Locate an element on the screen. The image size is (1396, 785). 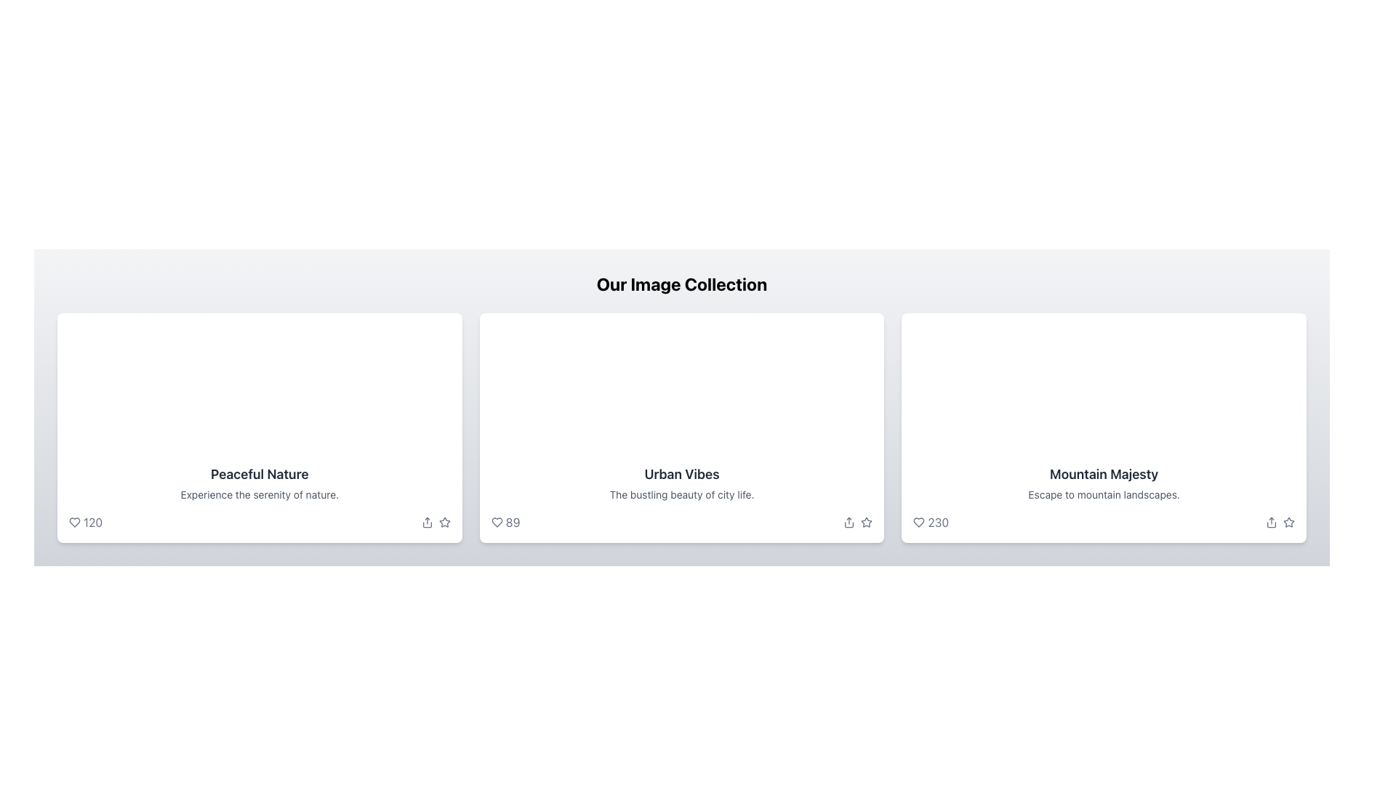
the title text at the top center of the first card is located at coordinates (260, 474).